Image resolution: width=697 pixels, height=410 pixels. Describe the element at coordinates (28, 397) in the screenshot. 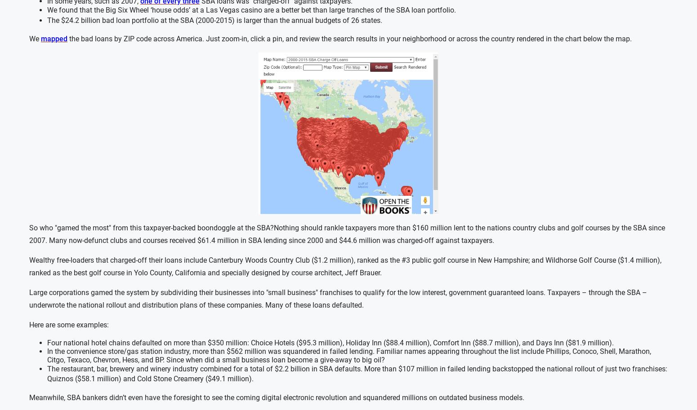

I see `'Meanwhile, SBA bankers didn’t even have the foresight to see the coming digital electronic revolution and squandered millions on outdated business models.'` at that location.